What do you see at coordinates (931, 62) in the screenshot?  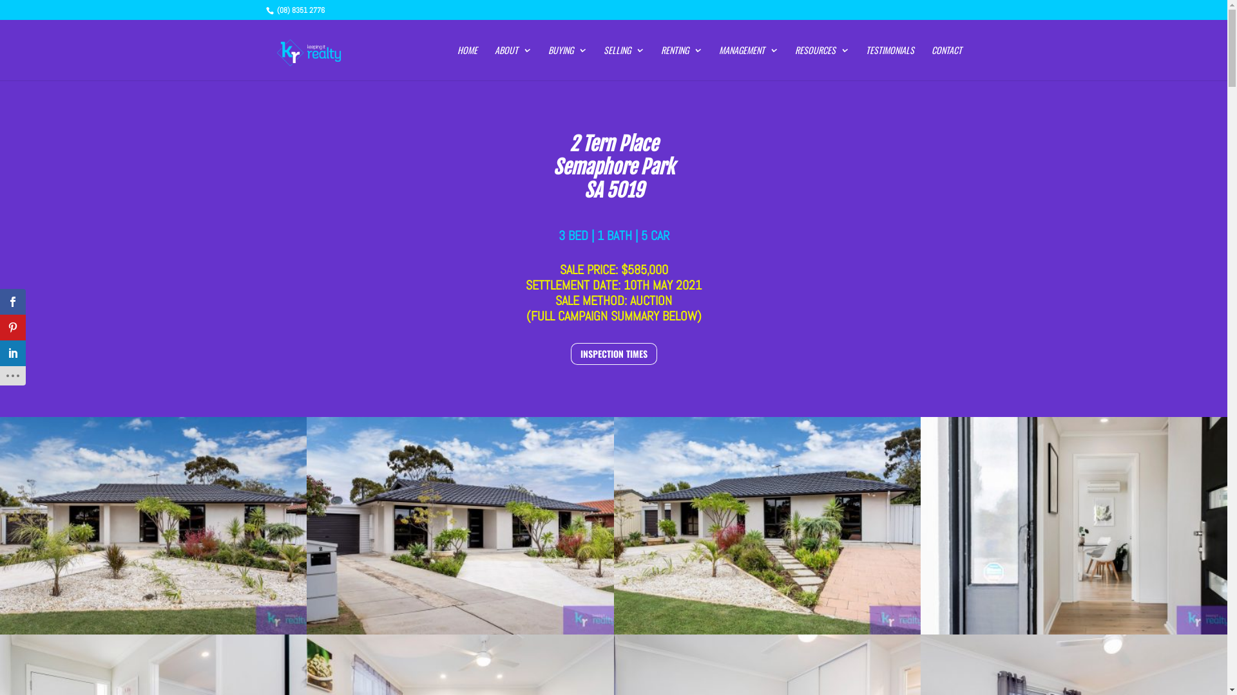 I see `'CONTACT'` at bounding box center [931, 62].